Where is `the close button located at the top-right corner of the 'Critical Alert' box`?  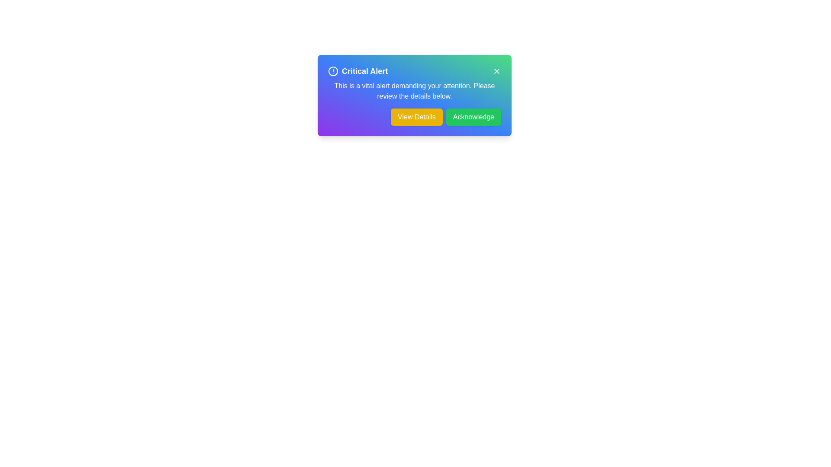 the close button located at the top-right corner of the 'Critical Alert' box is located at coordinates (496, 71).